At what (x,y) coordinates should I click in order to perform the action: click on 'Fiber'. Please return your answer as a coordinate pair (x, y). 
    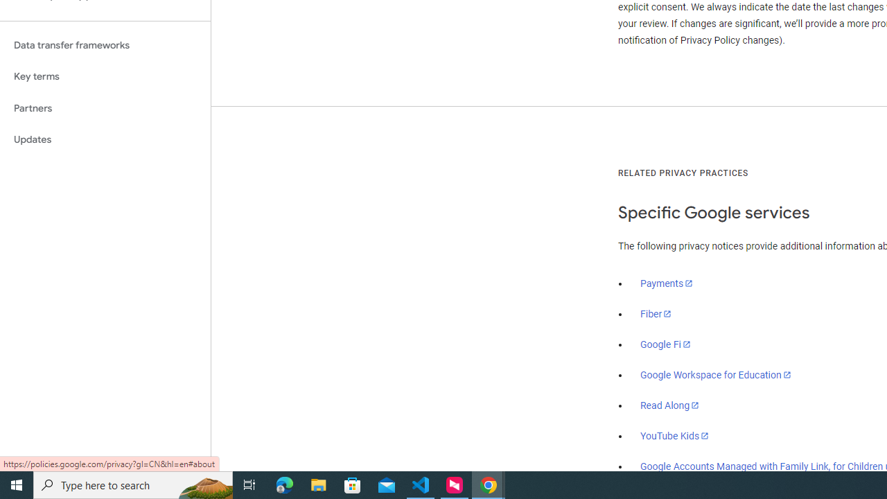
    Looking at the image, I should click on (656, 314).